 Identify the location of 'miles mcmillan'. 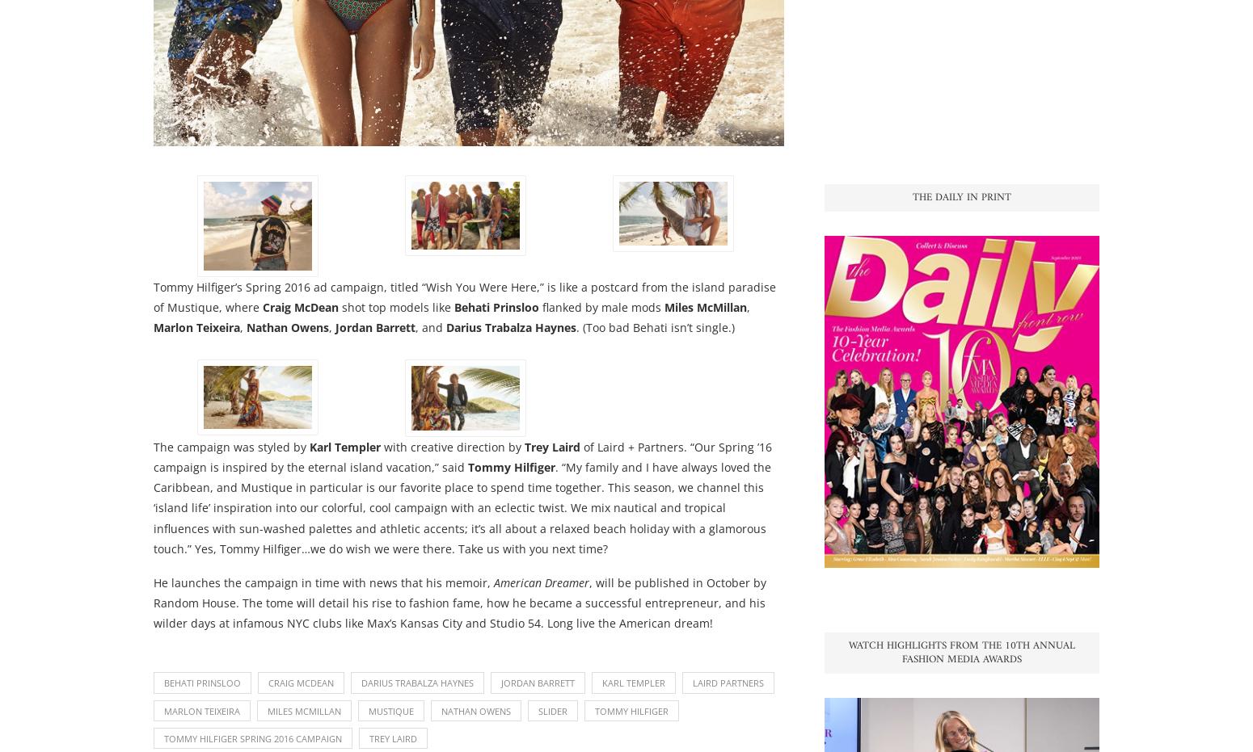
(303, 710).